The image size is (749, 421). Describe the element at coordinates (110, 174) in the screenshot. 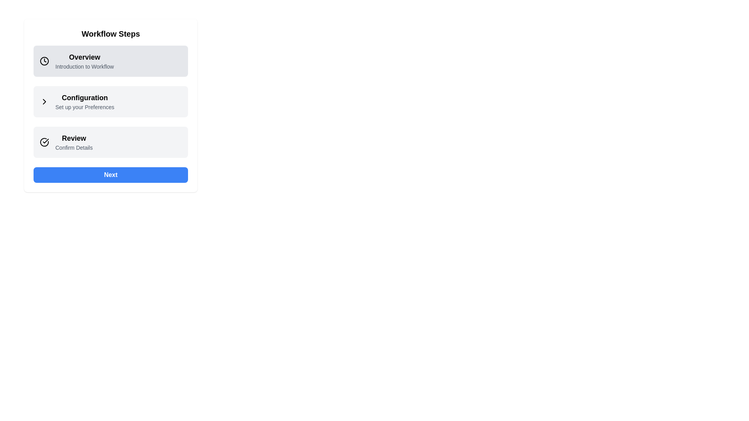

I see `the 'Next' button located at the bottom of the layout to activate hover effects` at that location.